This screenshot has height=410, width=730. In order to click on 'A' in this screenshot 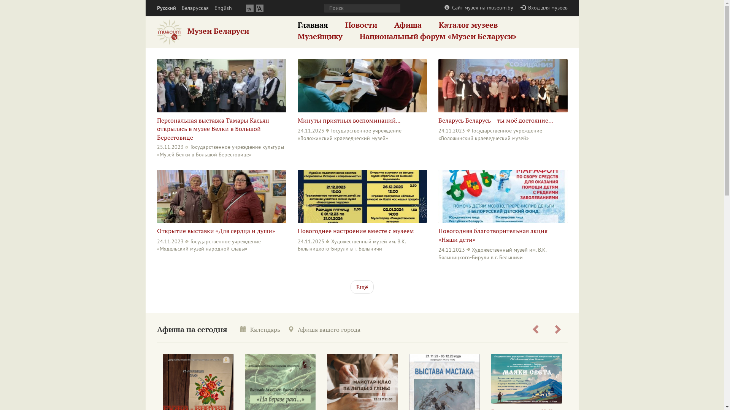, I will do `click(249, 8)`.